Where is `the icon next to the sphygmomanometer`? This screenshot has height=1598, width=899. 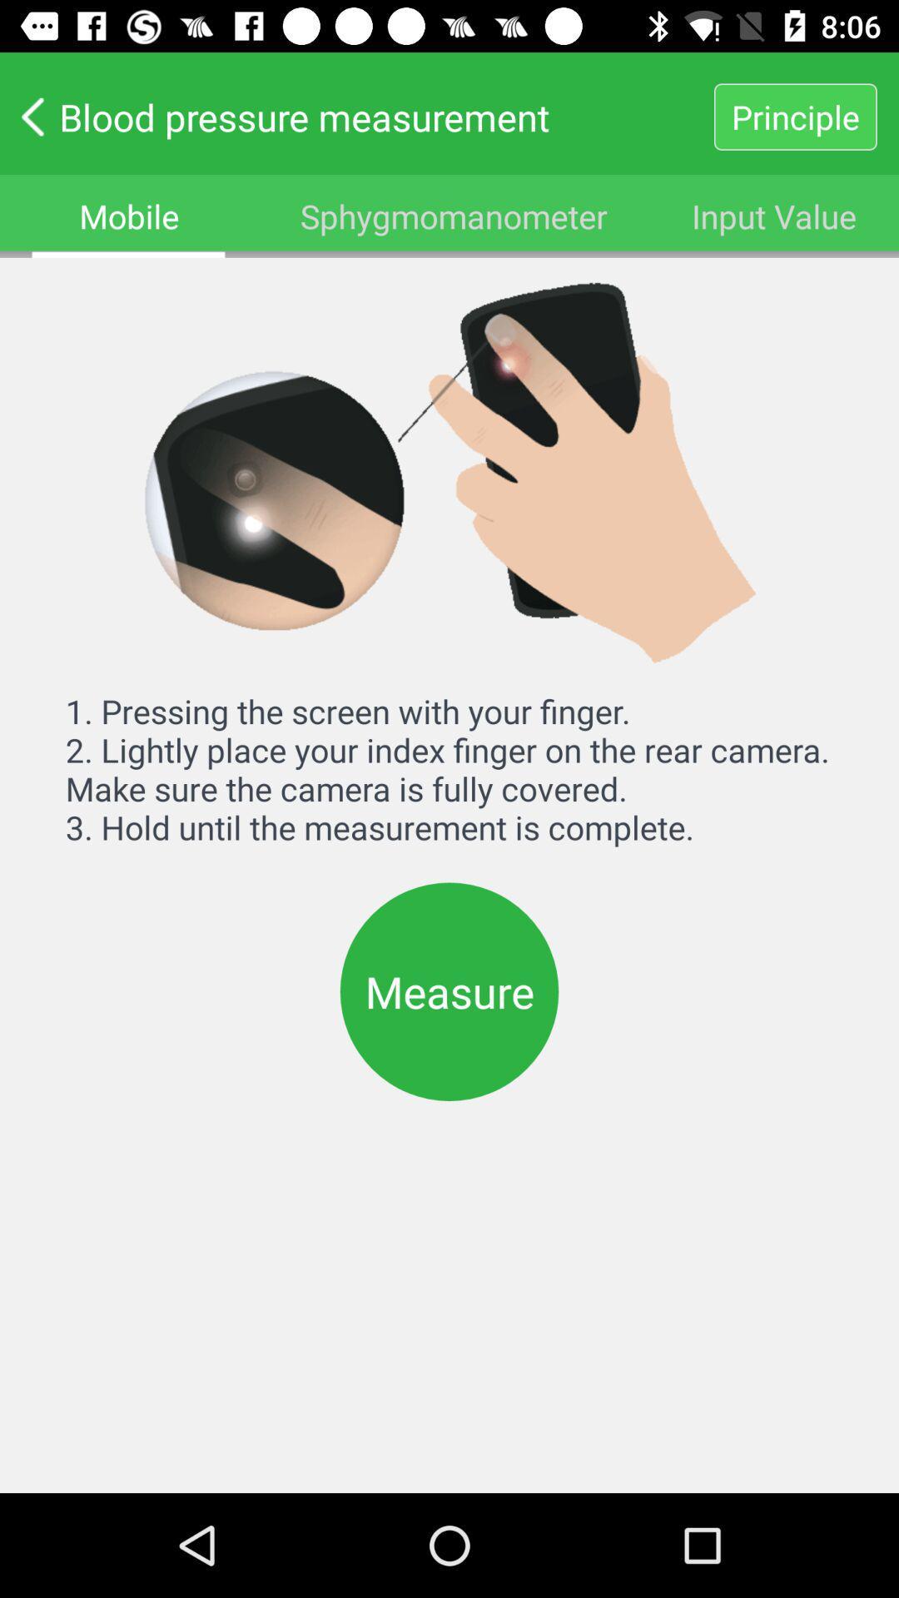 the icon next to the sphygmomanometer is located at coordinates (774, 215).